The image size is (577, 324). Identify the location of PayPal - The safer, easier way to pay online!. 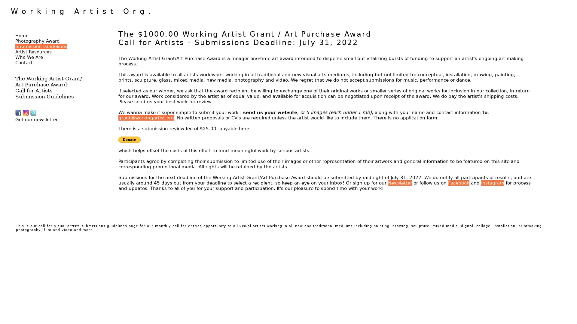
(129, 139).